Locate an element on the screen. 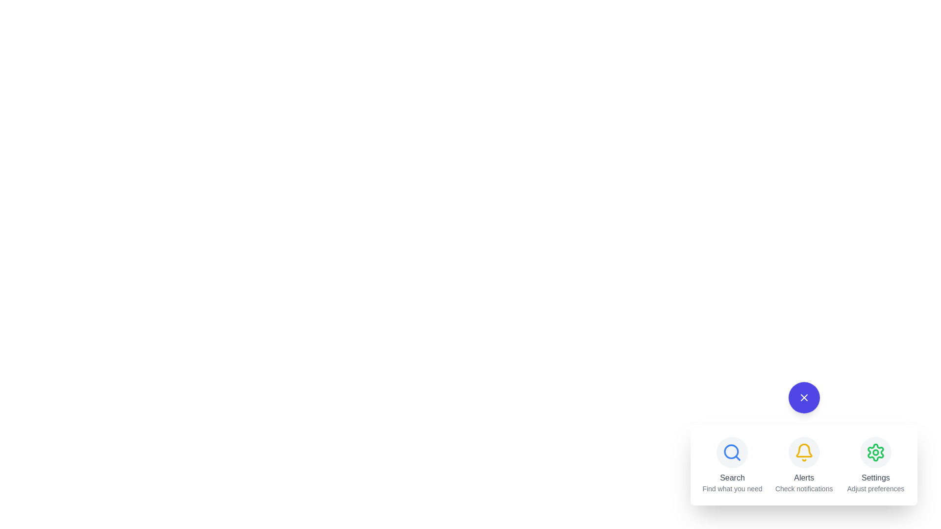  the Settings button to perform its action is located at coordinates (875, 453).